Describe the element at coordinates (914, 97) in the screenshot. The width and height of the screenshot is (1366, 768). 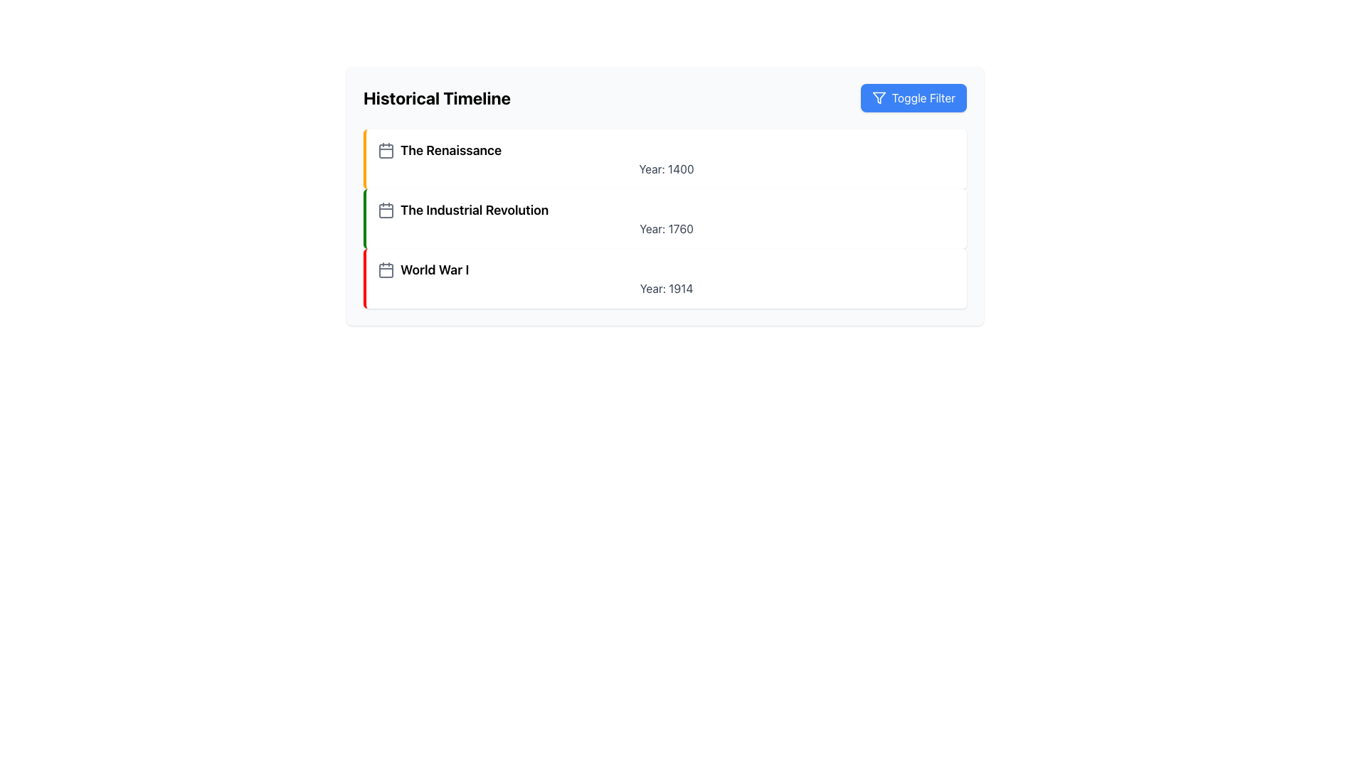
I see `the toggle button for filters located at the top right corner of the interface, adjacent to the 'Historical Timeline' heading, for keyboard interactions` at that location.